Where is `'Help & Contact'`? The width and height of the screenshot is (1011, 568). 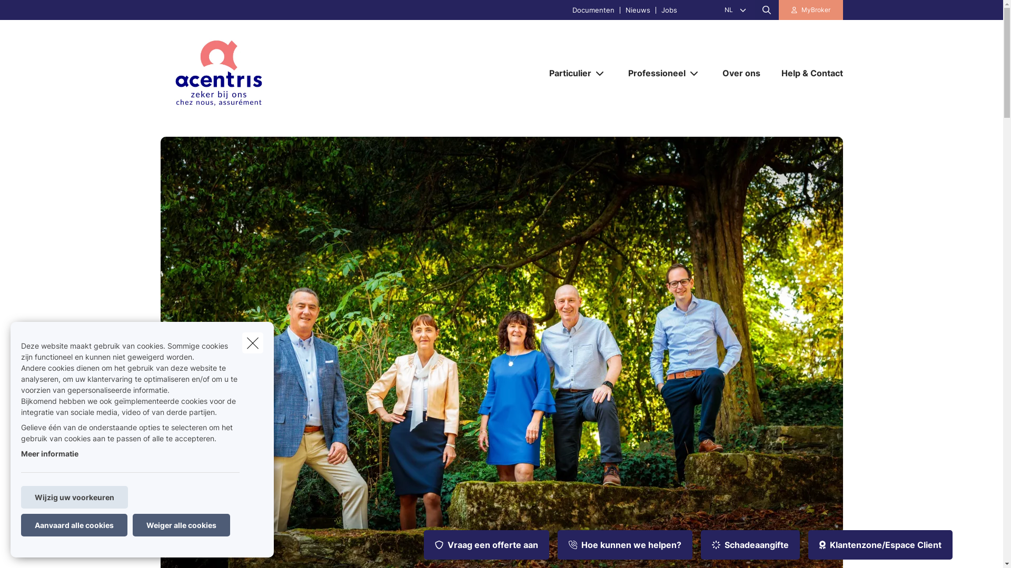 'Help & Contact' is located at coordinates (806, 72).